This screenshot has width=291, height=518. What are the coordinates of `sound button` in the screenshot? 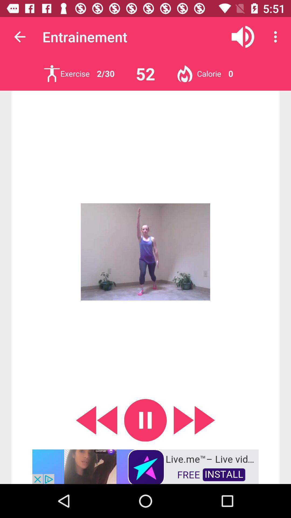 It's located at (243, 36).